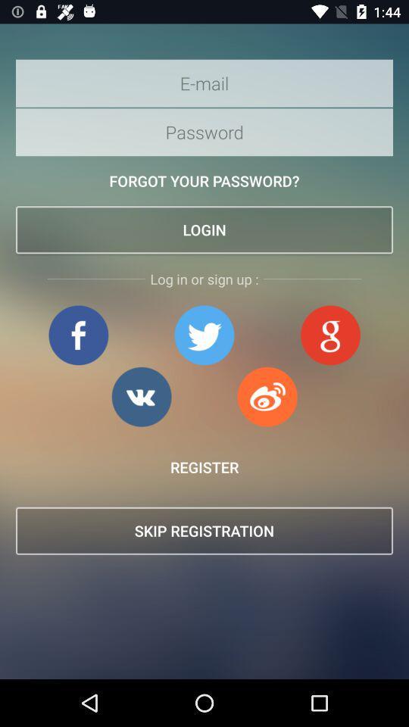 This screenshot has width=409, height=727. Describe the element at coordinates (204, 335) in the screenshot. I see `the twitter icon` at that location.